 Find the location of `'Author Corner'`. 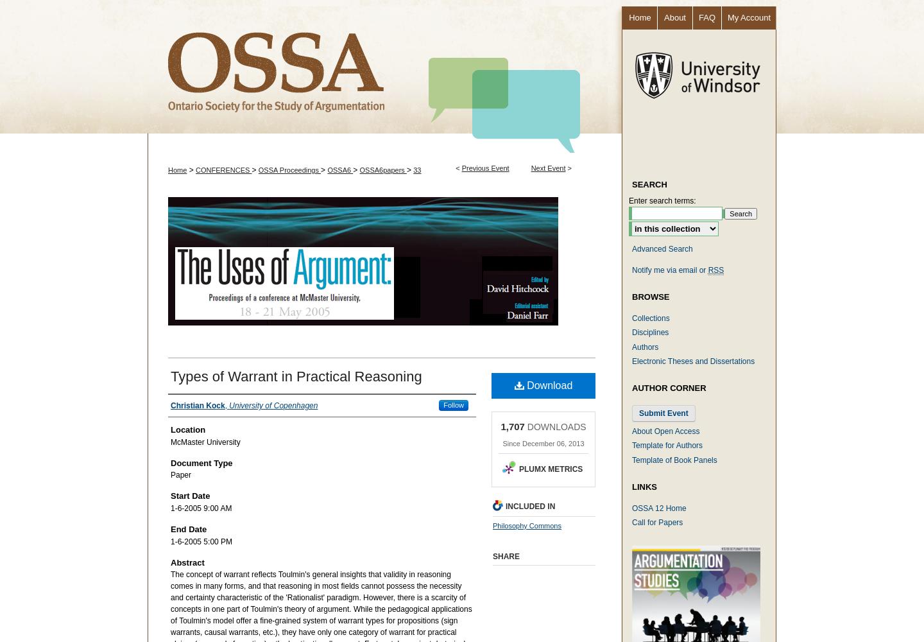

'Author Corner' is located at coordinates (669, 387).